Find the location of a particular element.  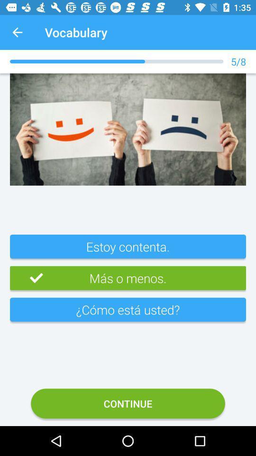

the image given in the page is located at coordinates (128, 129).